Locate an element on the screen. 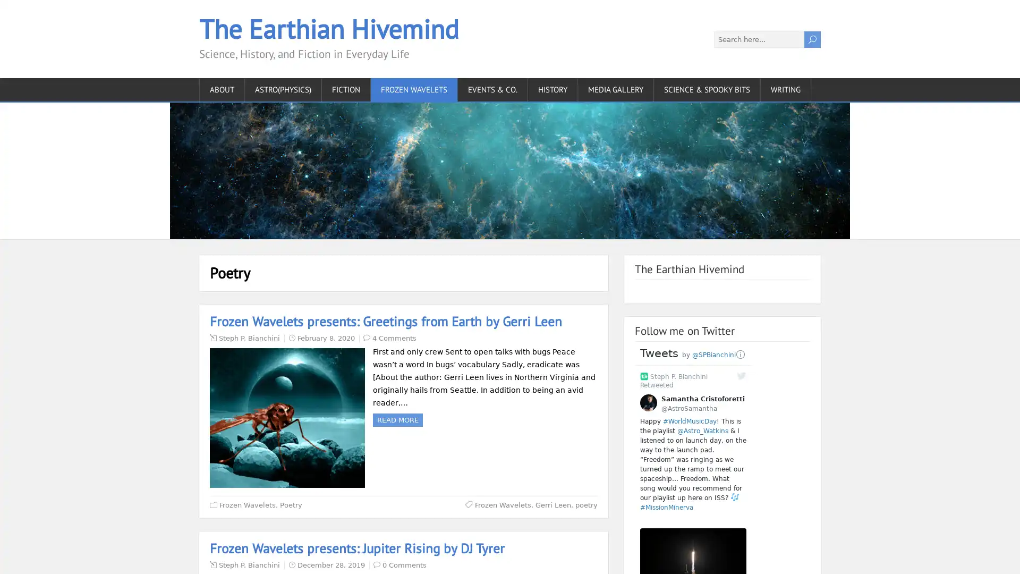 Image resolution: width=1020 pixels, height=574 pixels. U is located at coordinates (812, 38).